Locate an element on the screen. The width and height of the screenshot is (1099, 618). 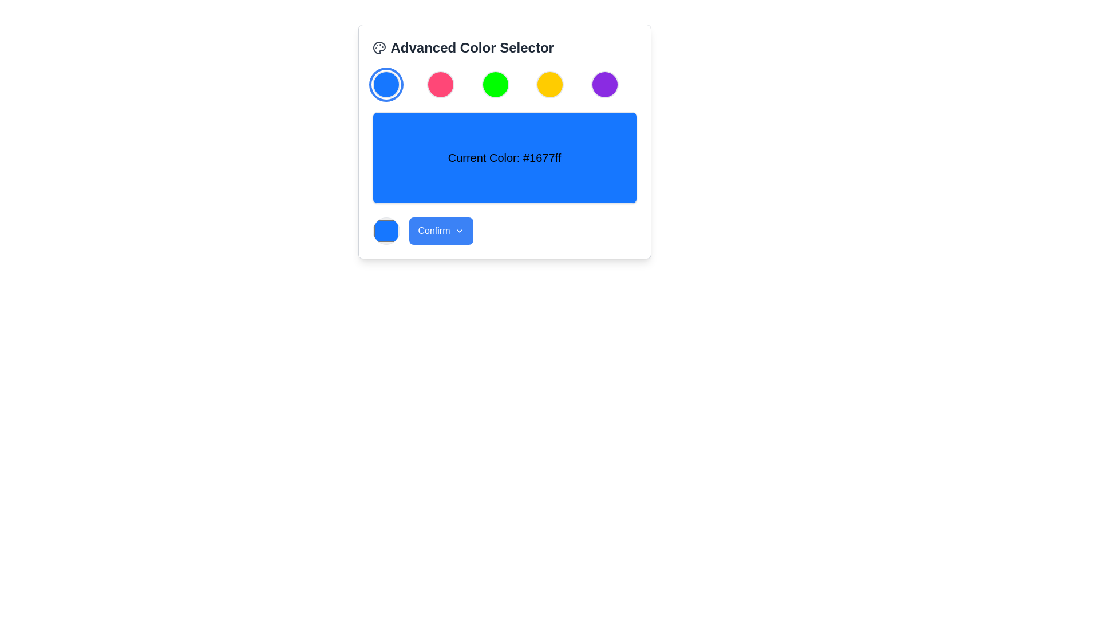
the Header Section of the color selection panel, which serves as the title and is located at the top of the centered white panel with rounded corners is located at coordinates (504, 47).